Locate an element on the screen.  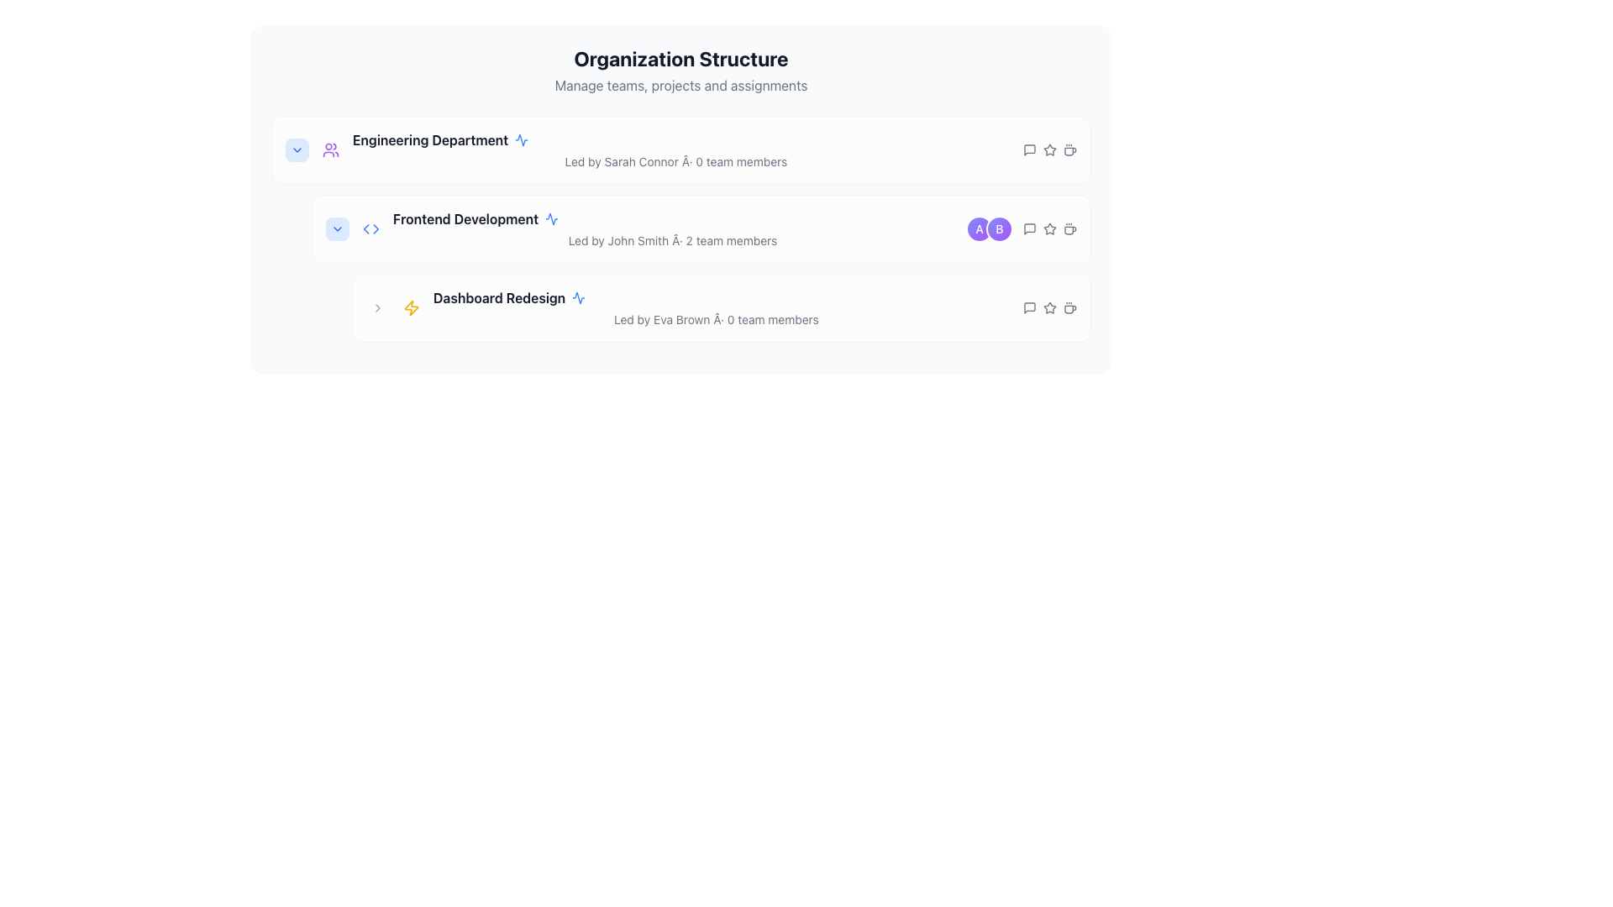
the waveform activity indicator icon, which is a small blue icon with rounded ends, located immediately to the left of the 'Dashboard Redesign' text is located at coordinates (579, 296).